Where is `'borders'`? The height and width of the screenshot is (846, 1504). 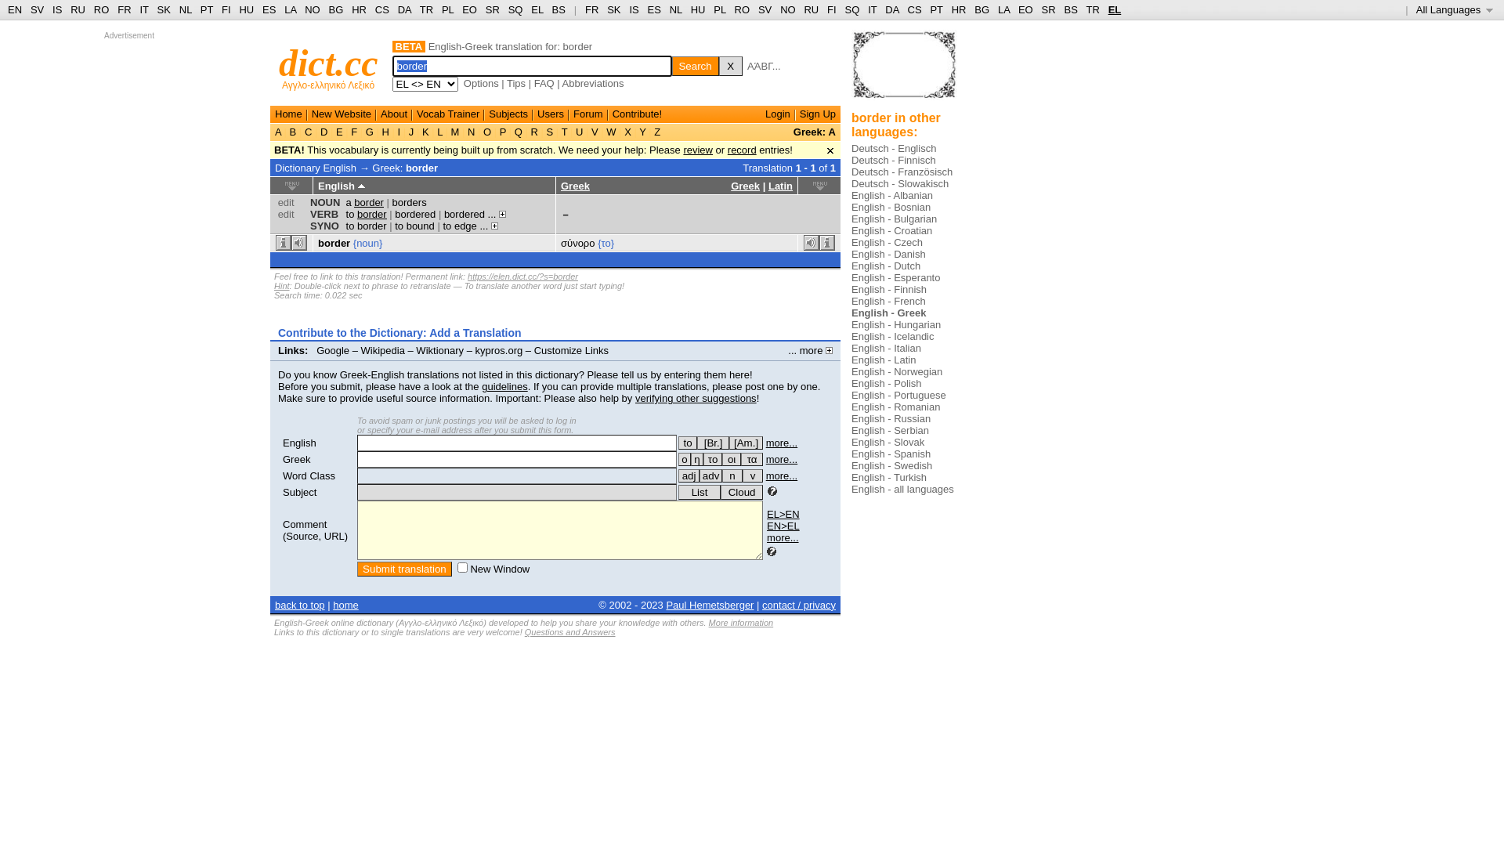
'borders' is located at coordinates (392, 201).